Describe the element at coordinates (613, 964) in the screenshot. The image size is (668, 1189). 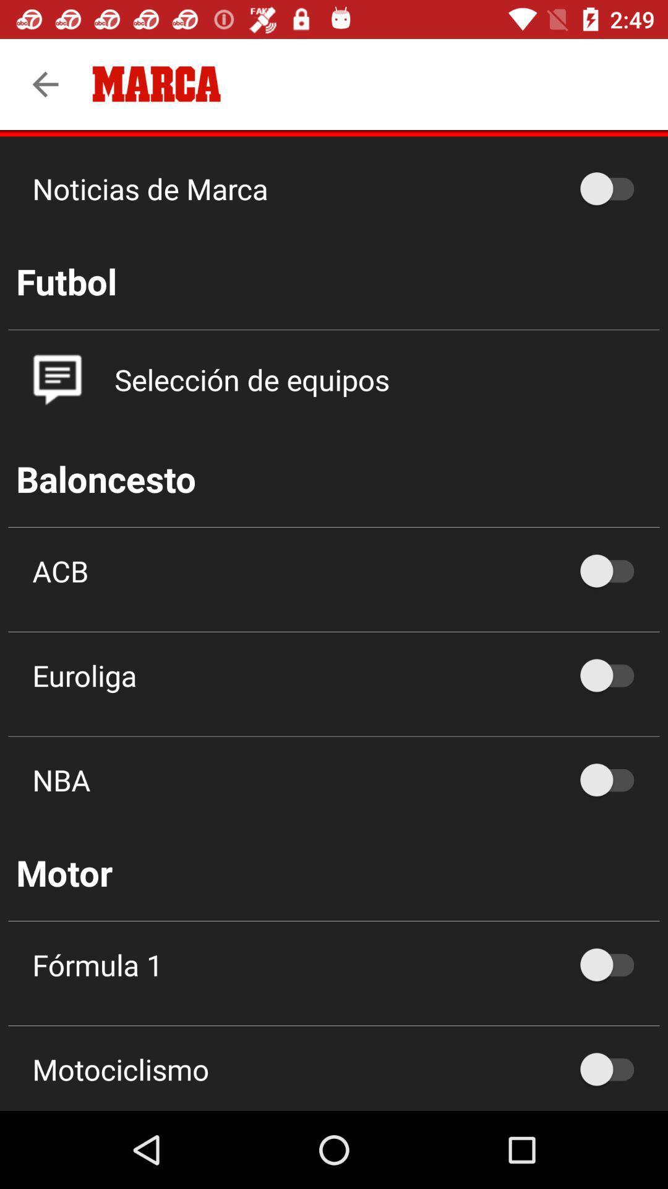
I see `formula one on off` at that location.